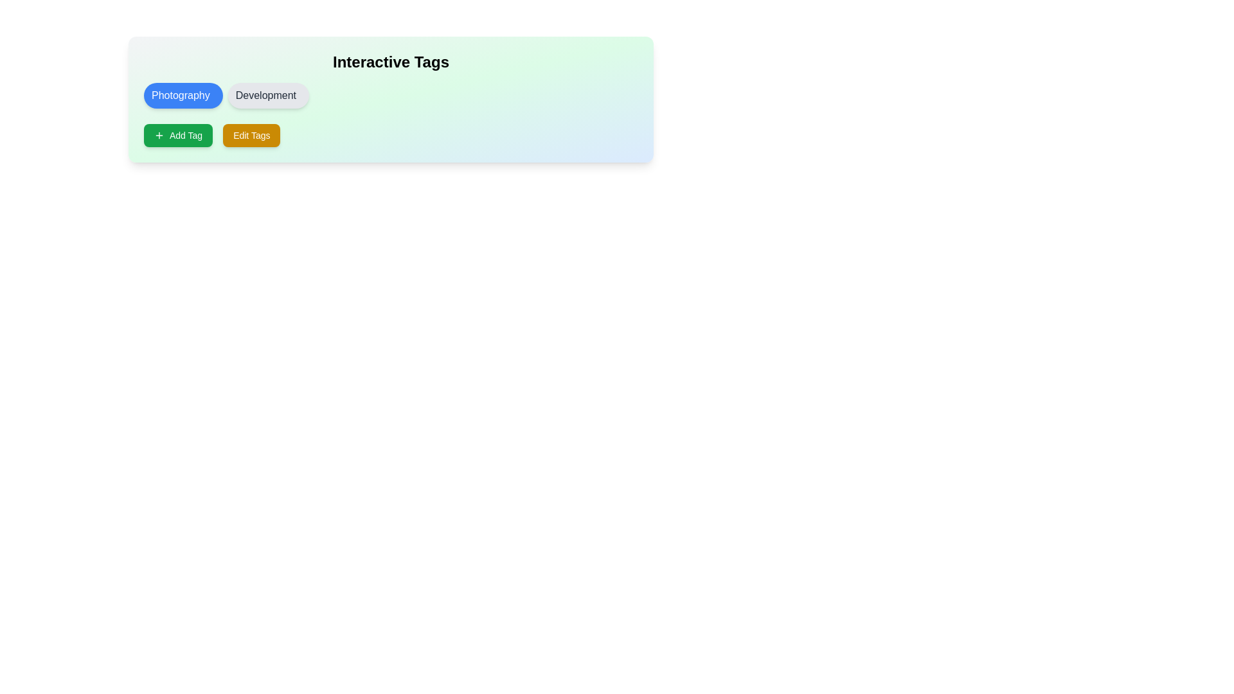 This screenshot has height=694, width=1234. Describe the element at coordinates (159, 136) in the screenshot. I see `the icon representing the 'Add Tag' functionality located within the 'Add Tag' button` at that location.